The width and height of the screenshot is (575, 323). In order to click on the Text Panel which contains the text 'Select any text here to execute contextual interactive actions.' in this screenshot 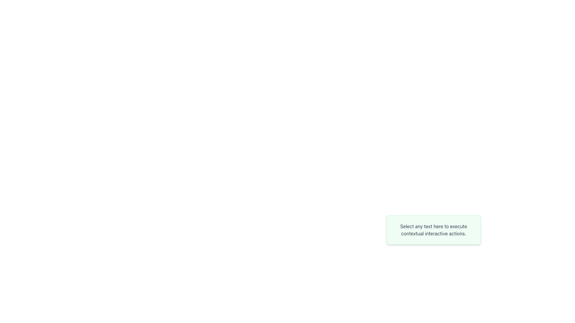, I will do `click(434, 247)`.